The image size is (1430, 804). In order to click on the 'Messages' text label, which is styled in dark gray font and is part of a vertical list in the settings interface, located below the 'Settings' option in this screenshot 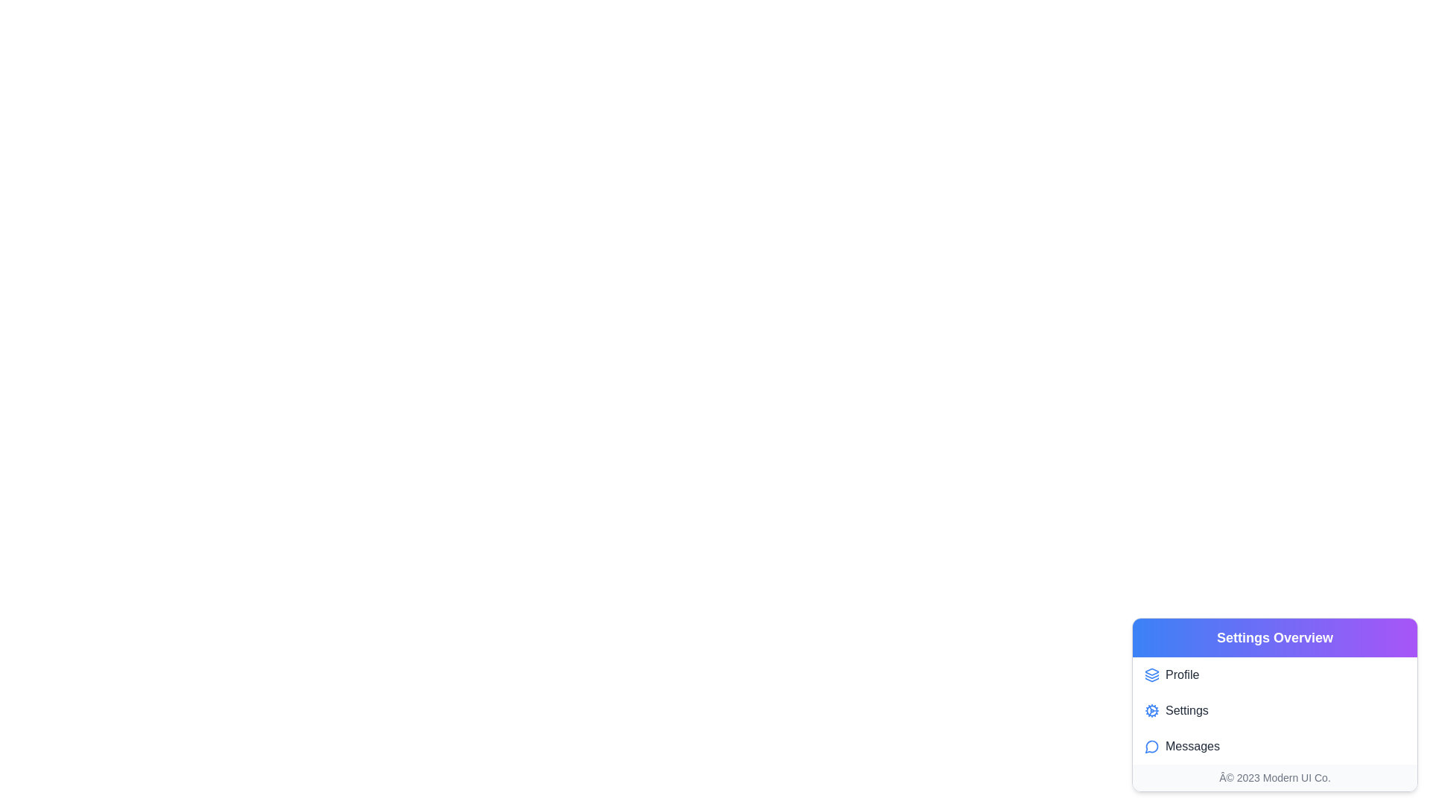, I will do `click(1192, 746)`.